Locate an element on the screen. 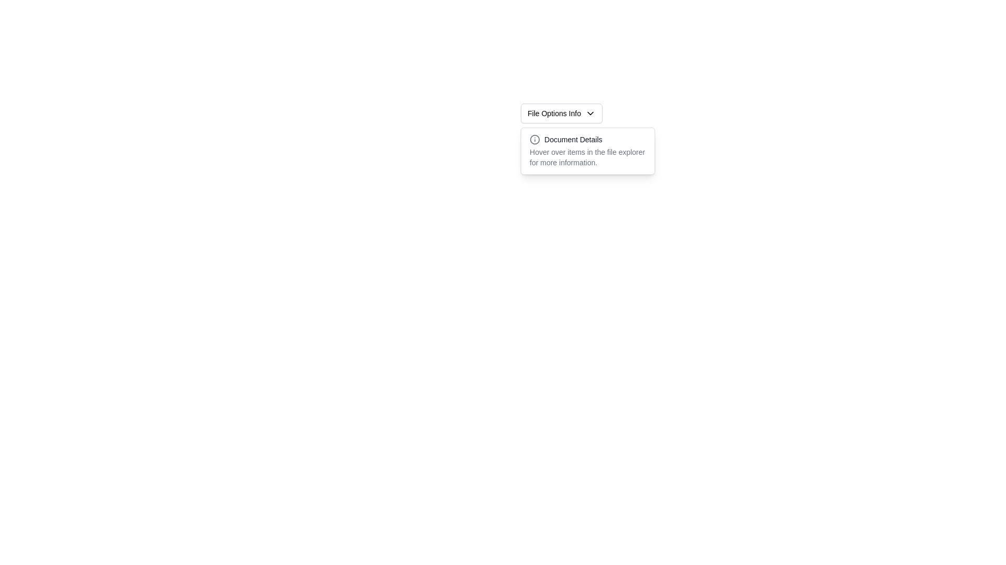 This screenshot has width=1006, height=565. the chevron icon located to the right of the 'File Options Info' button is located at coordinates (591, 113).